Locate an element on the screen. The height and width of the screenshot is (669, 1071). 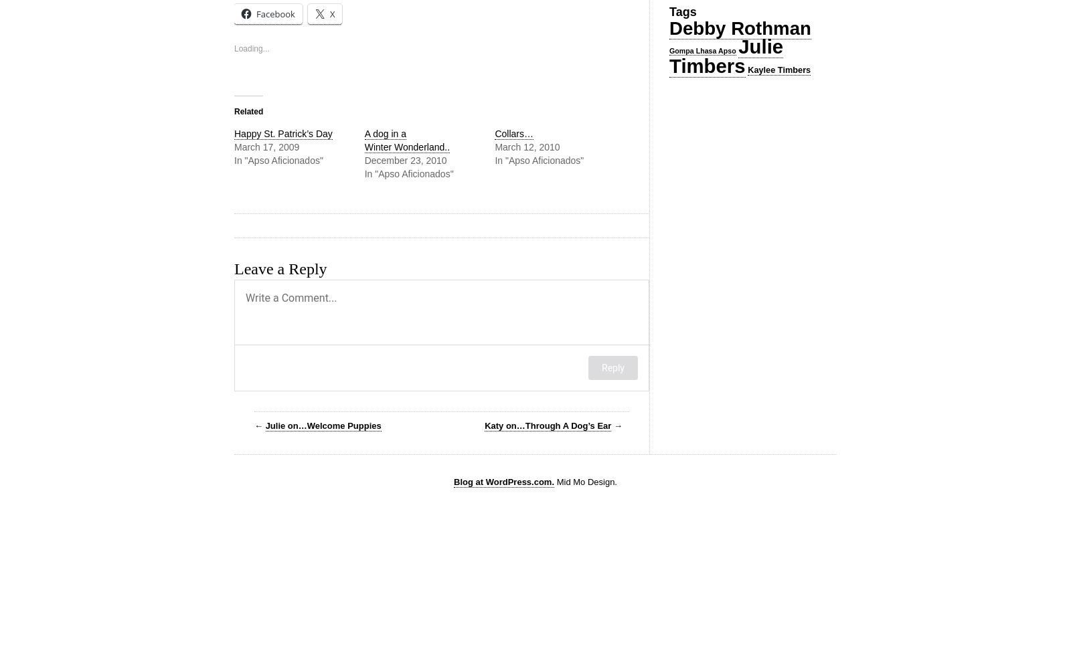
'Mid Mo Design.' is located at coordinates (553, 480).